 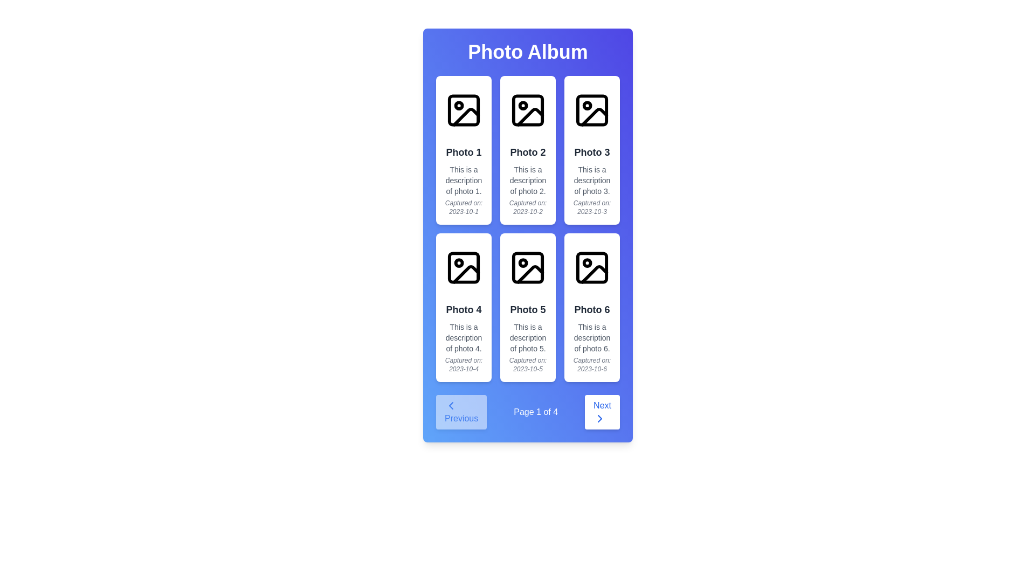 What do you see at coordinates (528, 309) in the screenshot?
I see `the text label 'Photo 5' which is styled with a bold font, larger size, and dark color, located in the center card of the second row` at bounding box center [528, 309].